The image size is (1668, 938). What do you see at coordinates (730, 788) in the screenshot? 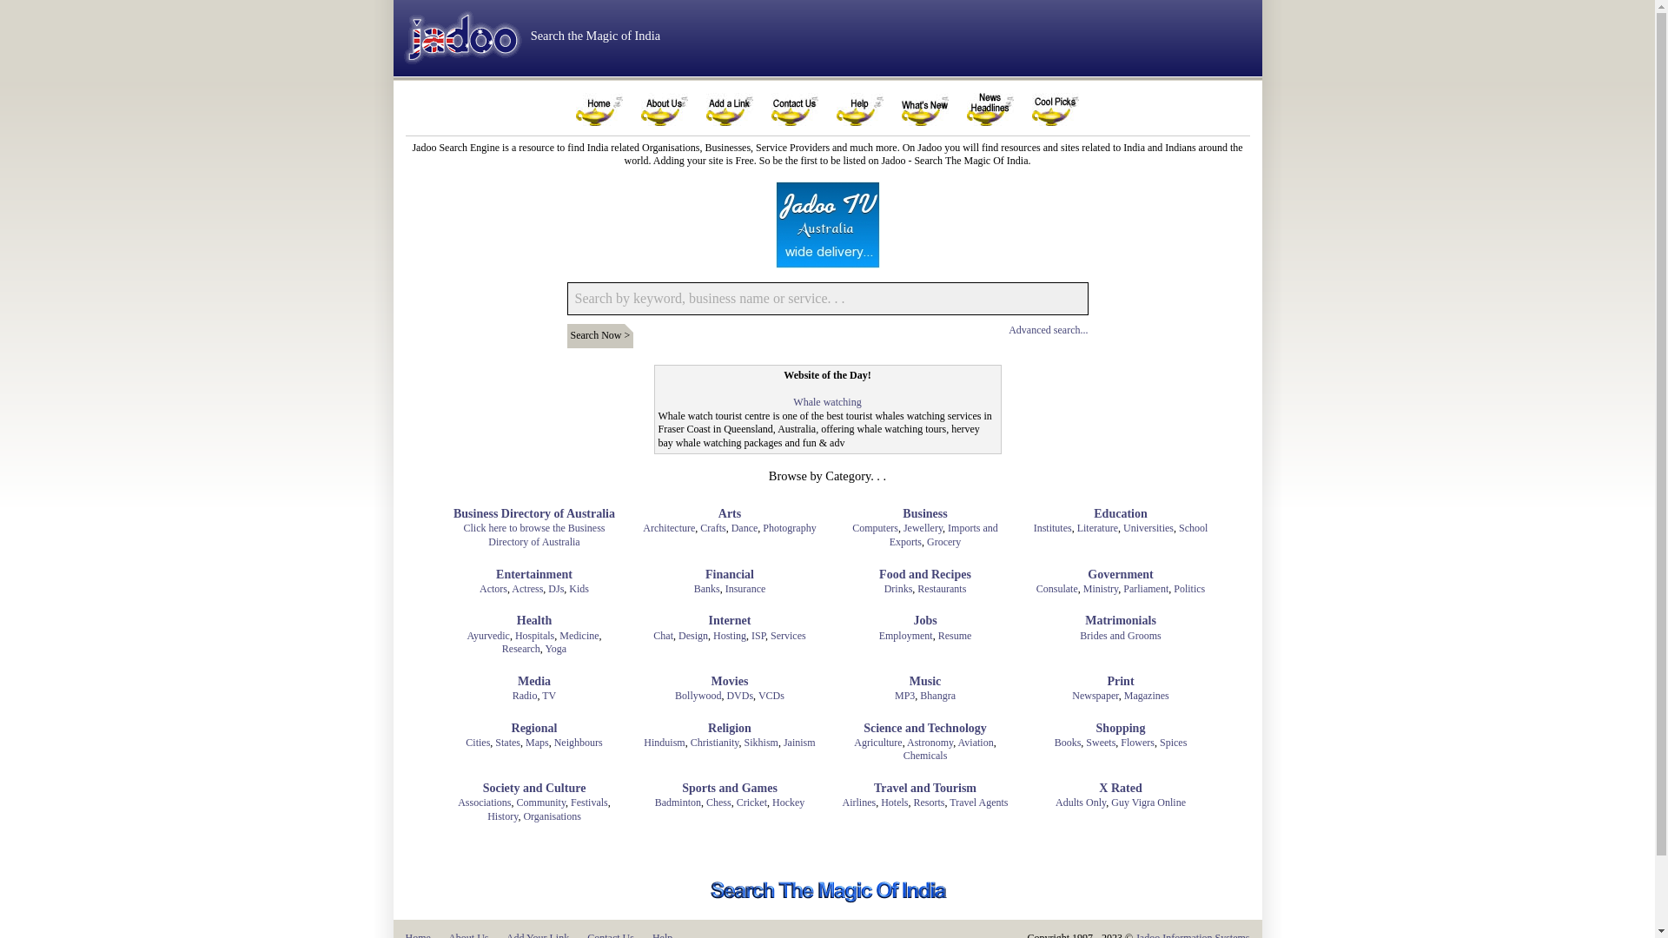
I see `'Sports and Games'` at bounding box center [730, 788].